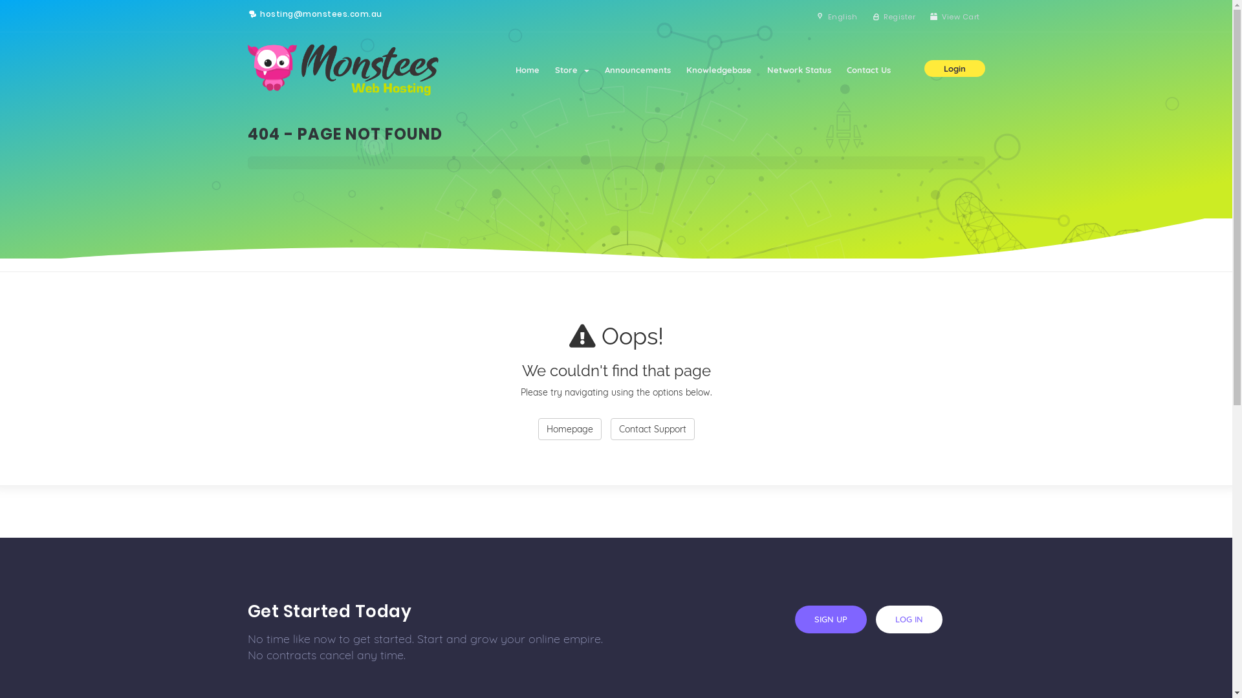 This screenshot has height=698, width=1242. Describe the element at coordinates (922, 17) in the screenshot. I see `'View Cart'` at that location.